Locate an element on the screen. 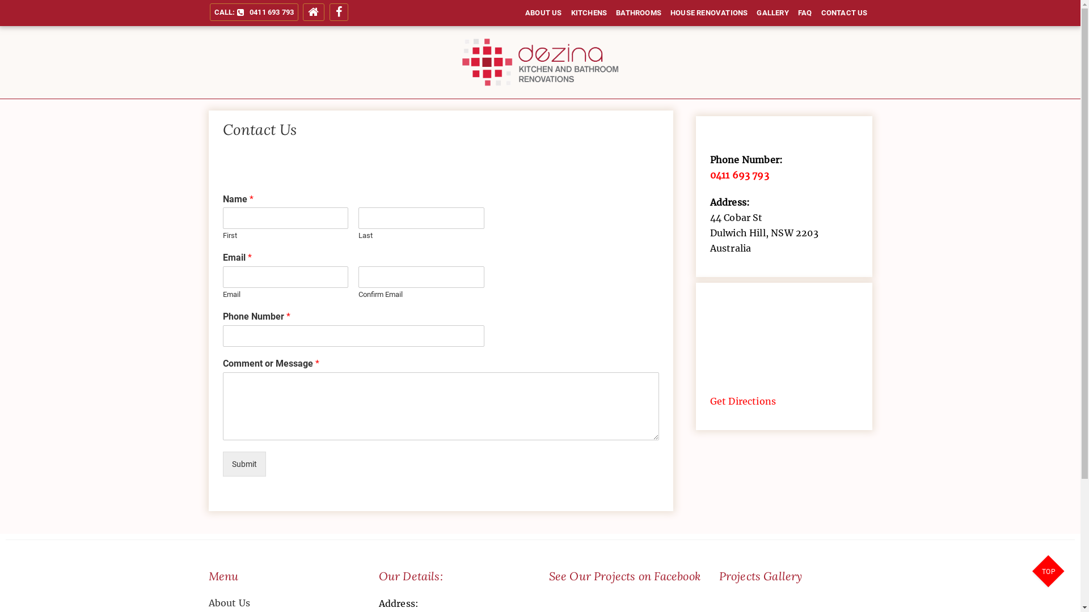  'BATHROOMS' is located at coordinates (611, 13).